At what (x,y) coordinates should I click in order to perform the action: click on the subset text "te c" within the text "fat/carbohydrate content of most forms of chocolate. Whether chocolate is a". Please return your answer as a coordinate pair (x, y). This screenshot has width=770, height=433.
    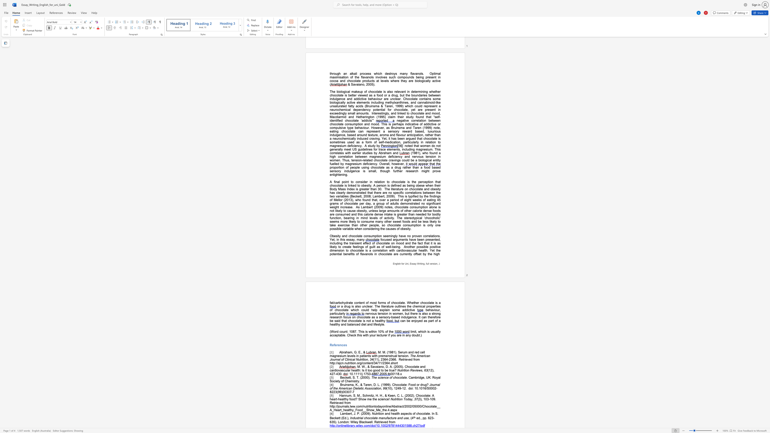
    Looking at the image, I should click on (350, 302).